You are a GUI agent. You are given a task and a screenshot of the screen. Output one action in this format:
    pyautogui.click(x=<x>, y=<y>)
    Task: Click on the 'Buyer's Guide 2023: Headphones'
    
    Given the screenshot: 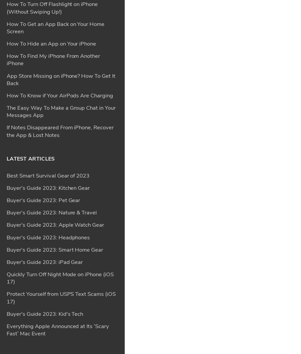 What is the action you would take?
    pyautogui.click(x=48, y=42)
    